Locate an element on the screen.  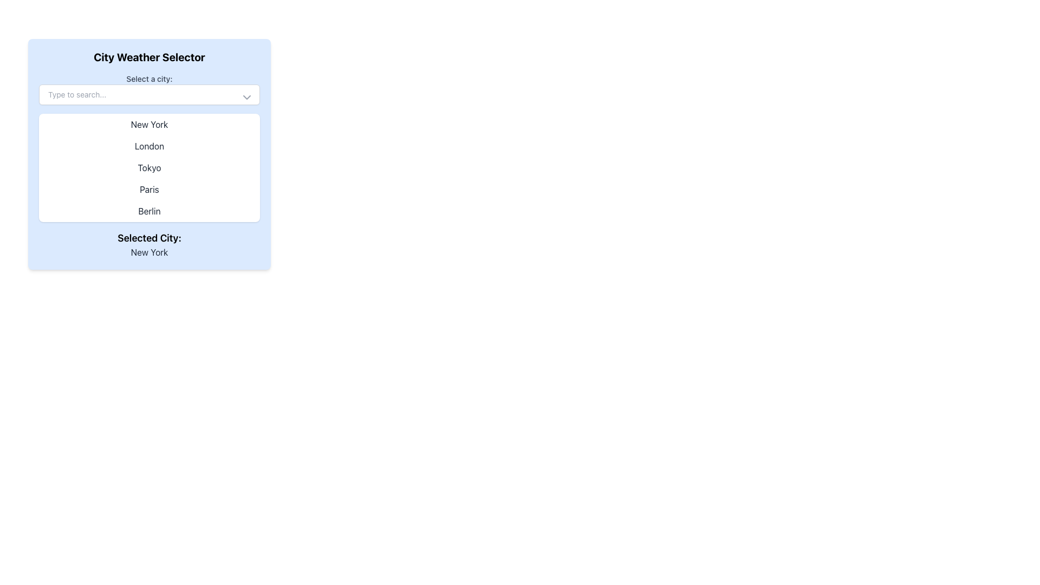
the informational text display that shows the currently selected city in the weather-selection interface, located at the bottom of the 'City Weather Selector' card is located at coordinates (148, 244).